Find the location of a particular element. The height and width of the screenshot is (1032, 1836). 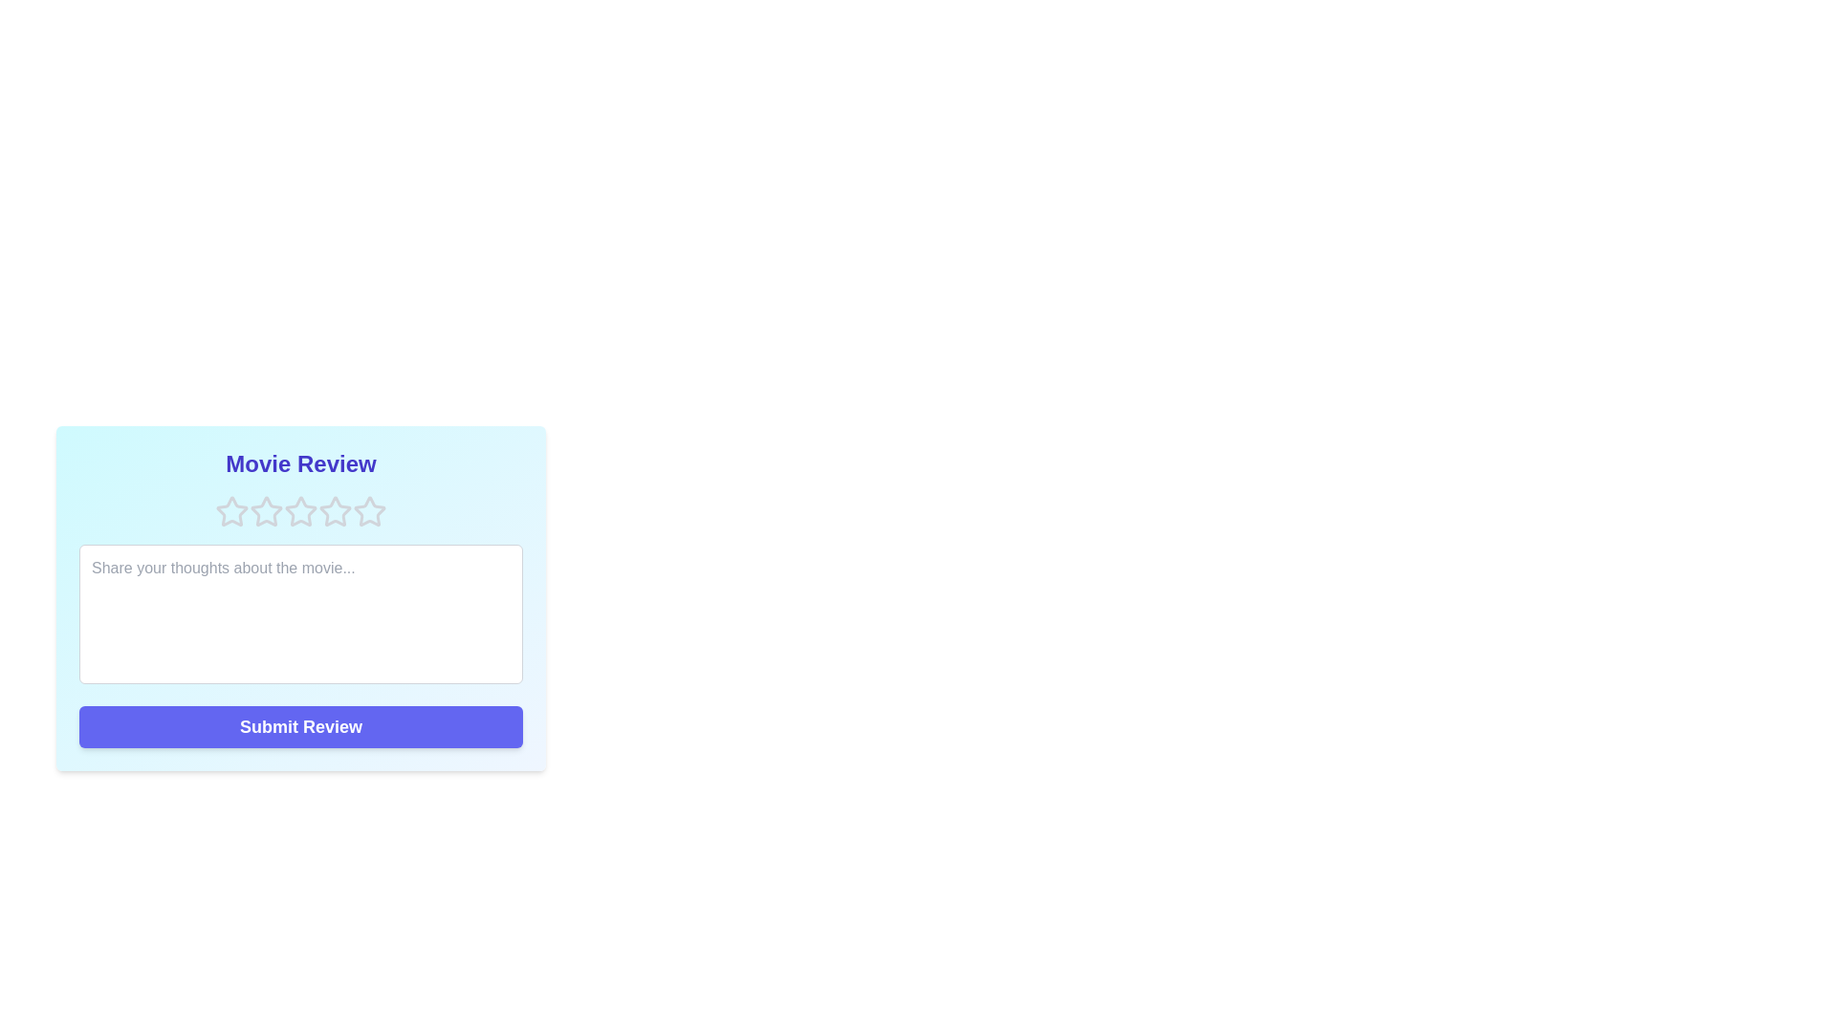

the comment box and type the text 'This is a great movie!' is located at coordinates (300, 614).